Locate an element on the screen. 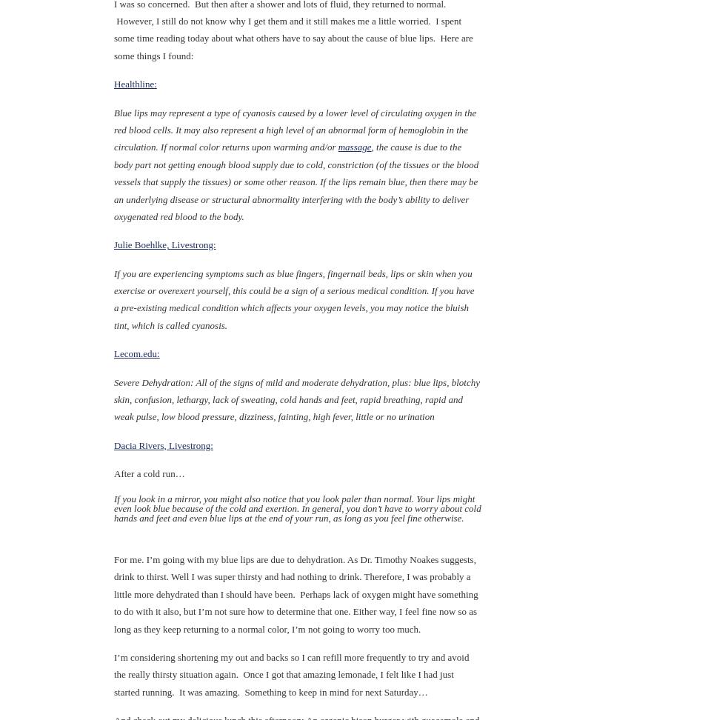 This screenshot has width=711, height=720. 'Blue lips may represent a type of cyanosis caused by a lower level of circulating oxygen in the red blood cells. It may also represent a high level of an abnormal form of hemoglobin in the circulation. If normal color returns upon warming and/or' is located at coordinates (294, 129).